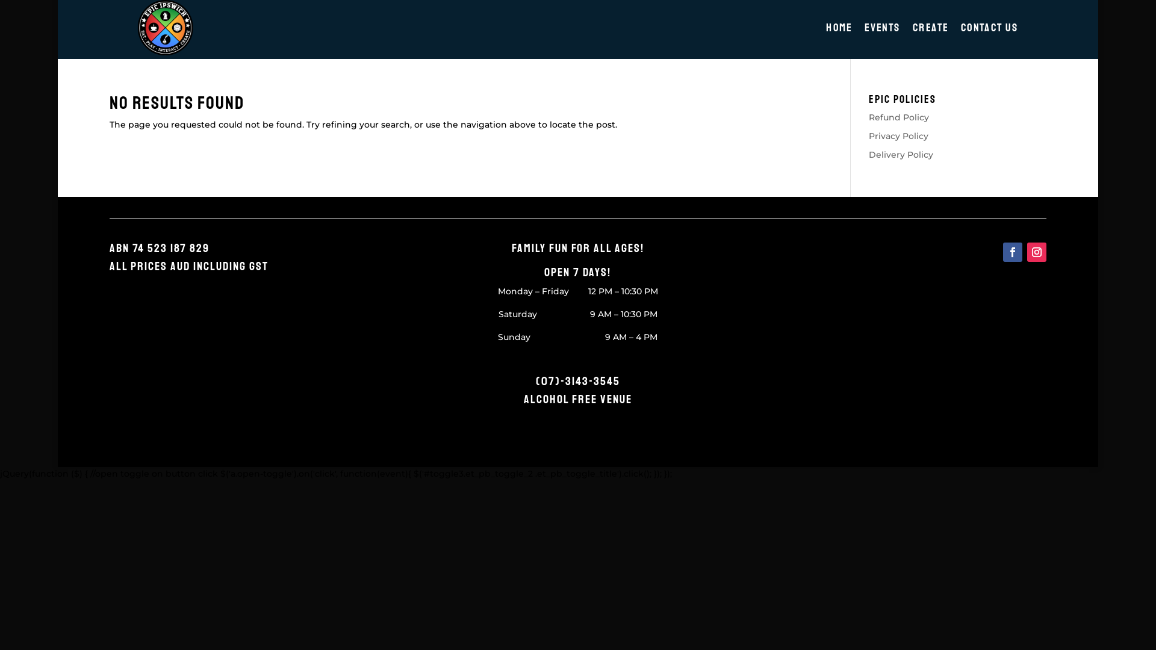  Describe the element at coordinates (1011, 252) in the screenshot. I see `'Follow on Facebook'` at that location.